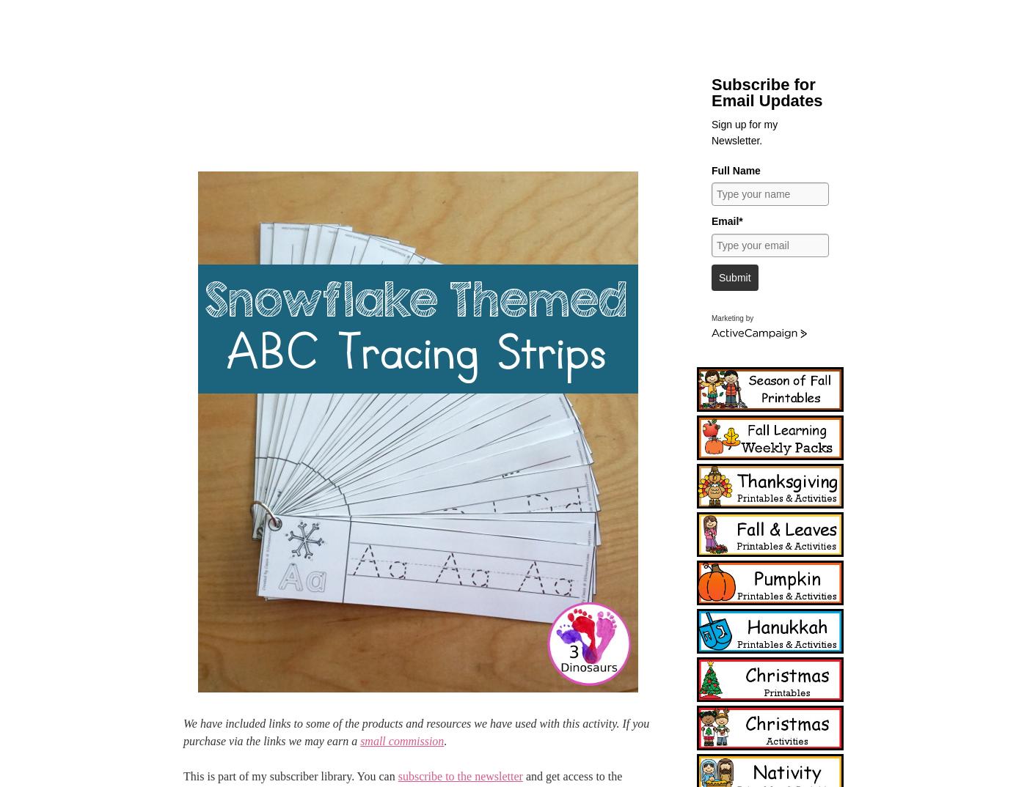 The image size is (1027, 787). Describe the element at coordinates (767, 92) in the screenshot. I see `'Subscribe for Email Updates'` at that location.